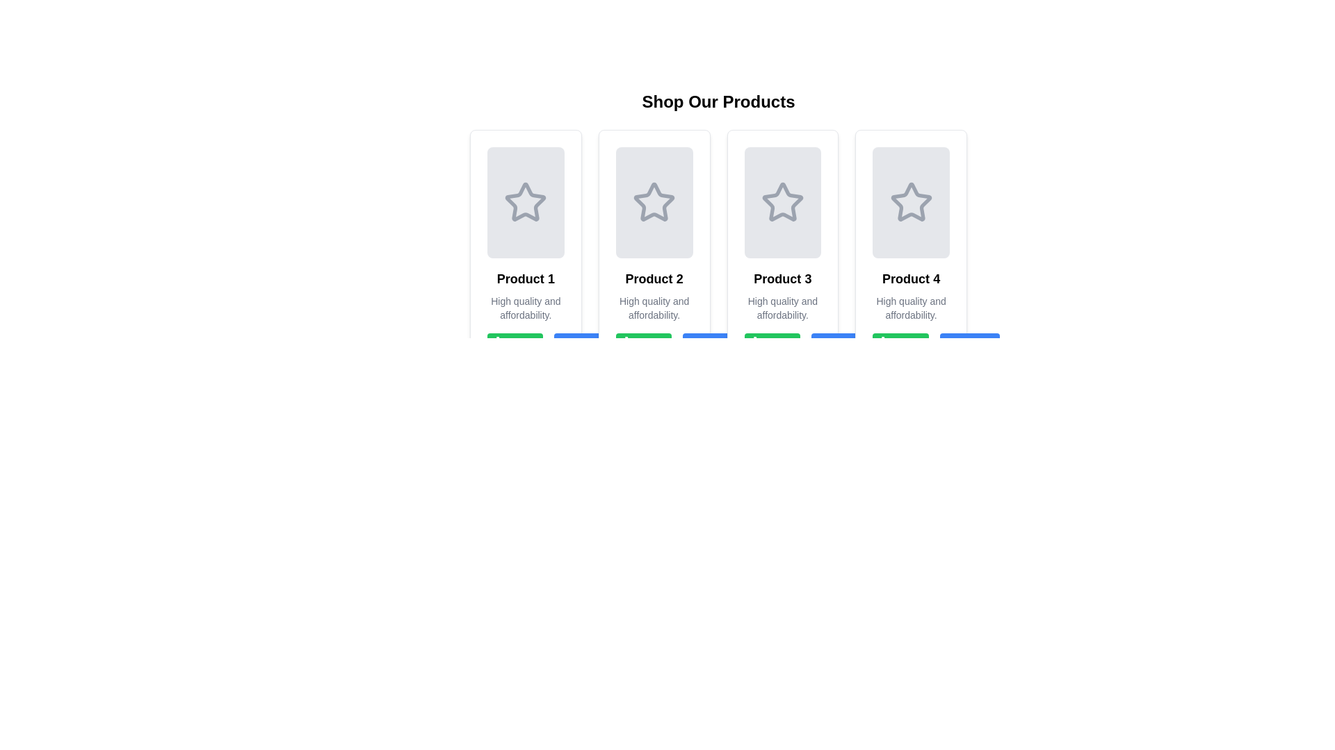 The width and height of the screenshot is (1335, 750). I want to click on the middle button below Product 2, so click(584, 344).